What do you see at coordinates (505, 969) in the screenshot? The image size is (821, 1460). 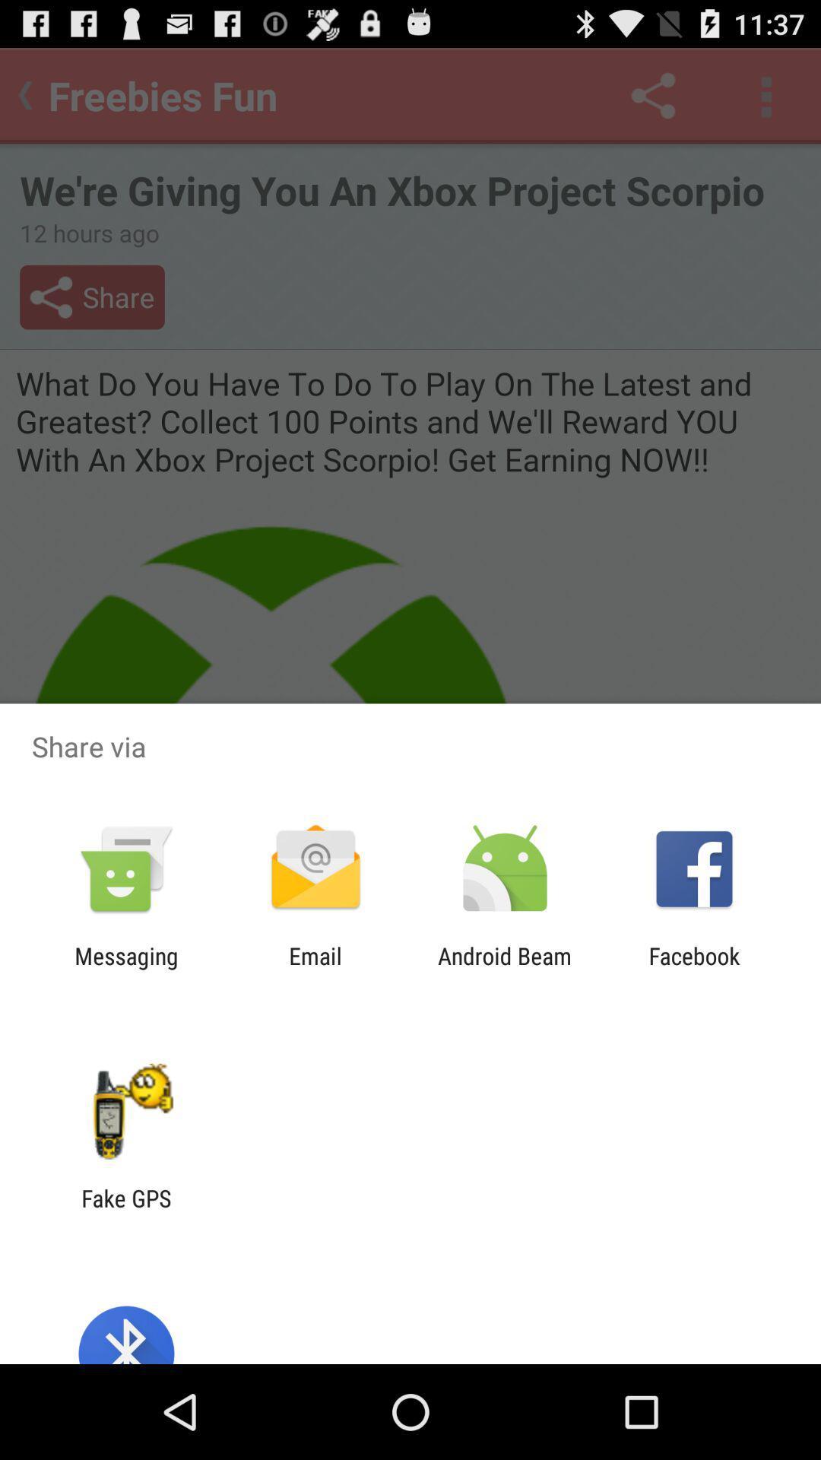 I see `icon to the left of facebook` at bounding box center [505, 969].